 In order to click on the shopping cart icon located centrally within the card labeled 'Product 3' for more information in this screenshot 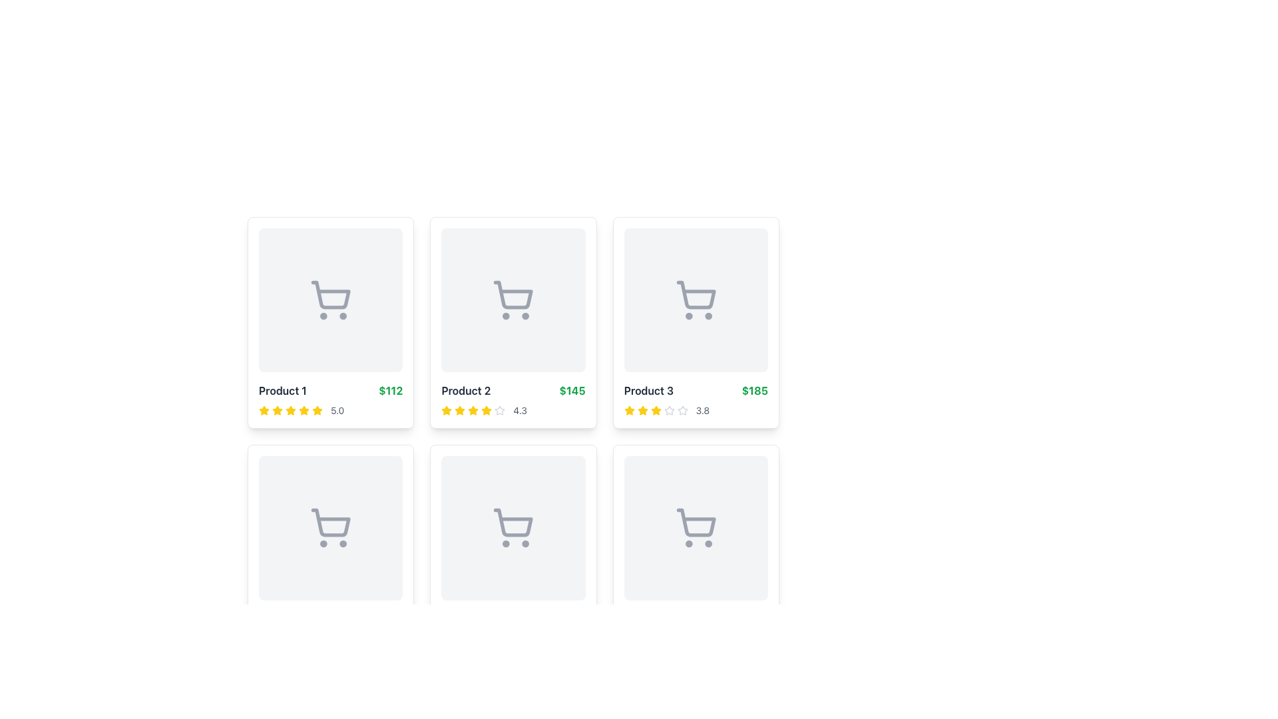, I will do `click(695, 300)`.